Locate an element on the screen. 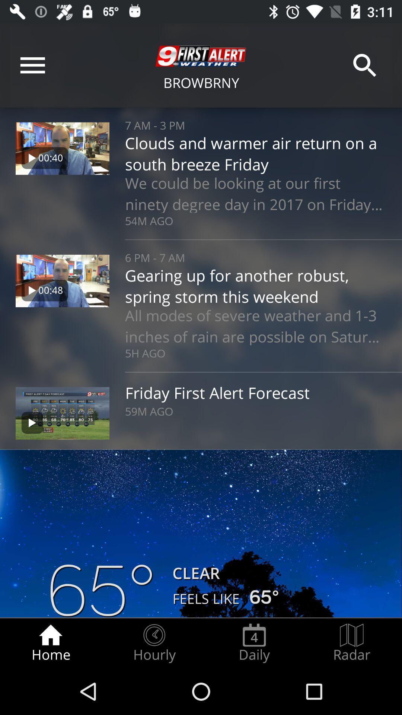 Image resolution: width=402 pixels, height=715 pixels. the icon next to the hourly is located at coordinates (50, 643).